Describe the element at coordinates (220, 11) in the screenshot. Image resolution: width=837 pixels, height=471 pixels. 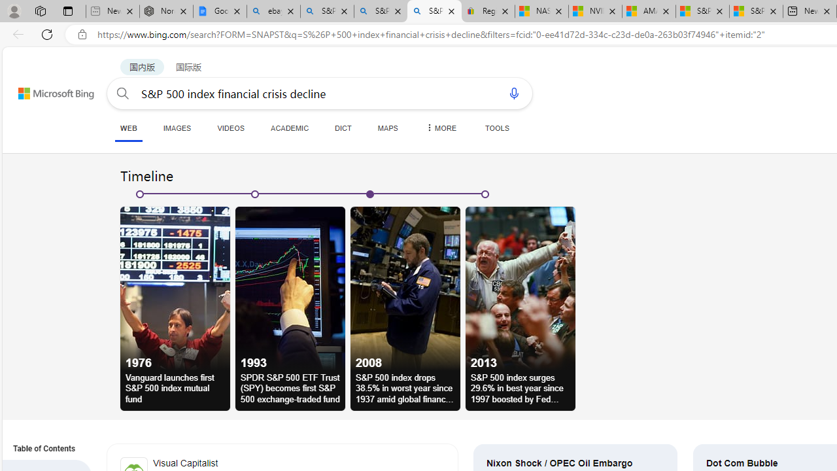
I see `'Google Docs: Online Document Editor | Google Workspace'` at that location.